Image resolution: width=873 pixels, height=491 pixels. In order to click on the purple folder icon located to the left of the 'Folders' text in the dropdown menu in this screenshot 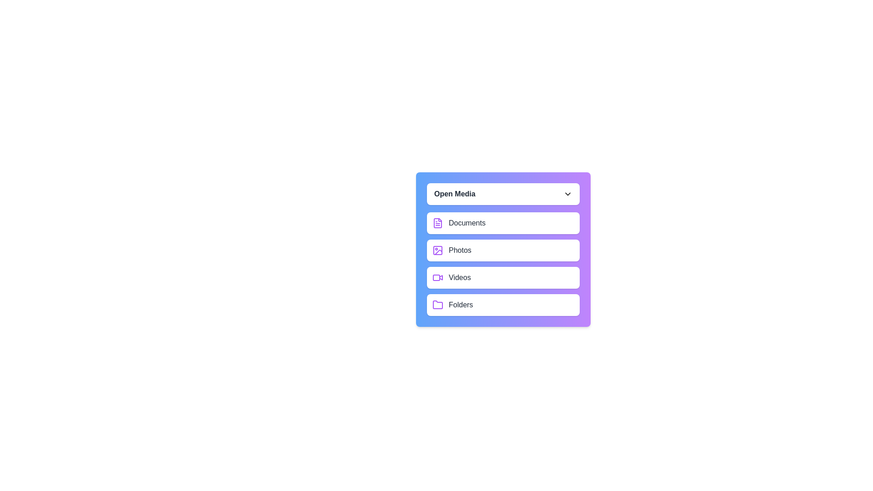, I will do `click(438, 305)`.